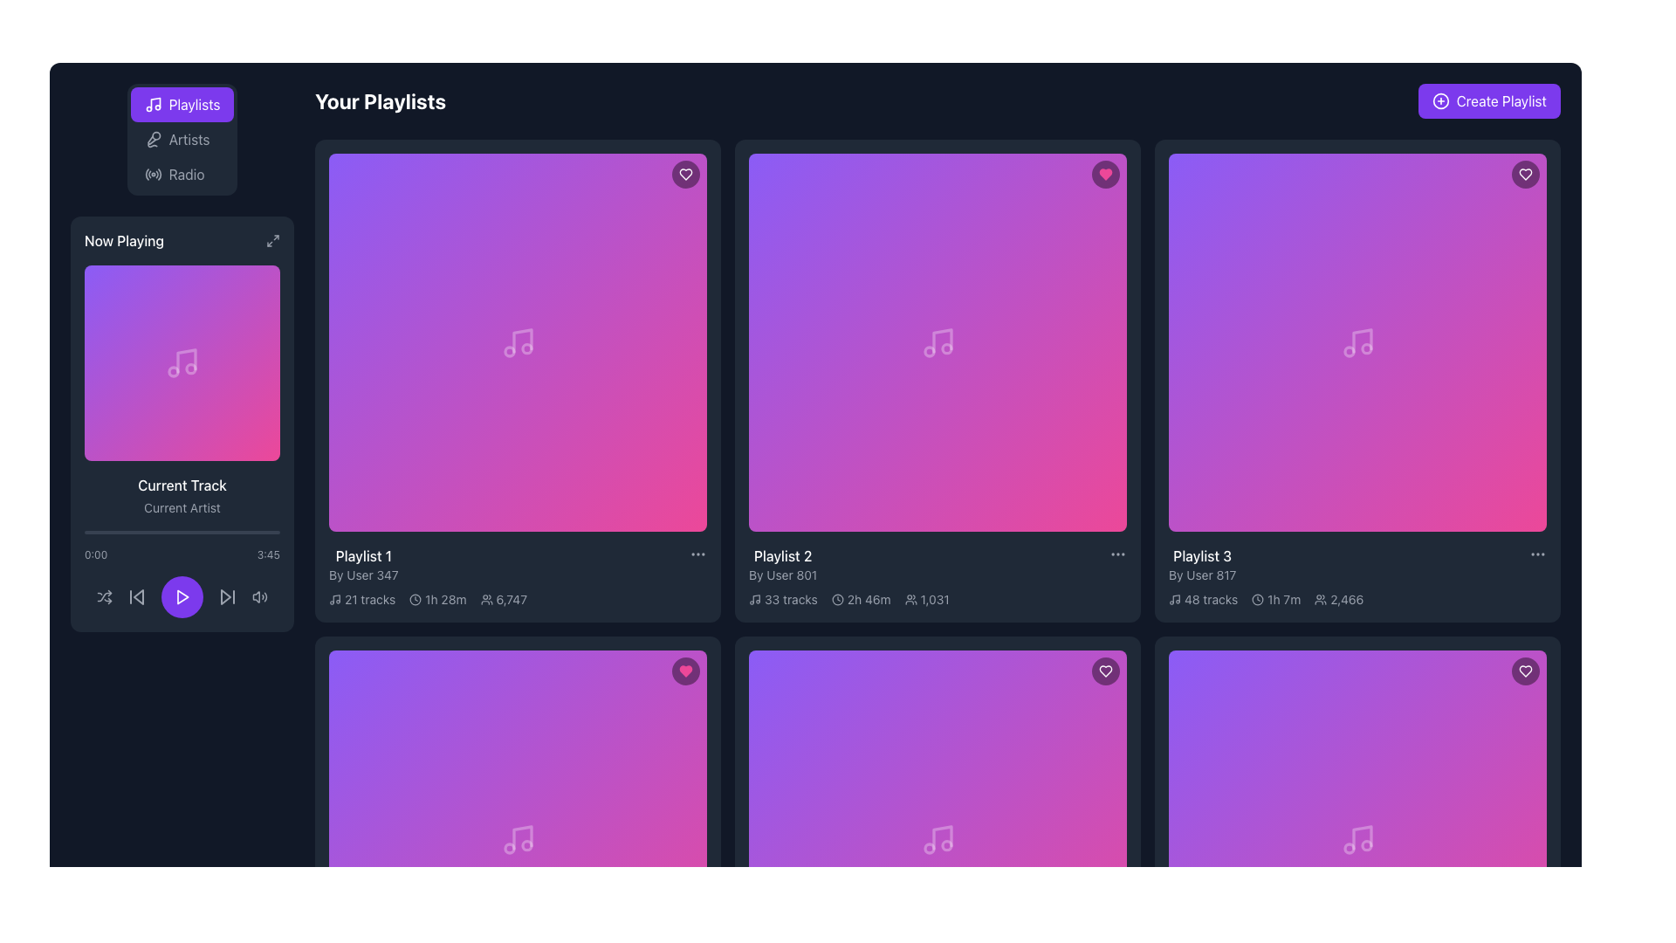 Image resolution: width=1676 pixels, height=943 pixels. I want to click on the Icon with Text displaying '1h 28m' with a clock icon, located in the bottom-left section of 'Playlist 1', so click(437, 598).